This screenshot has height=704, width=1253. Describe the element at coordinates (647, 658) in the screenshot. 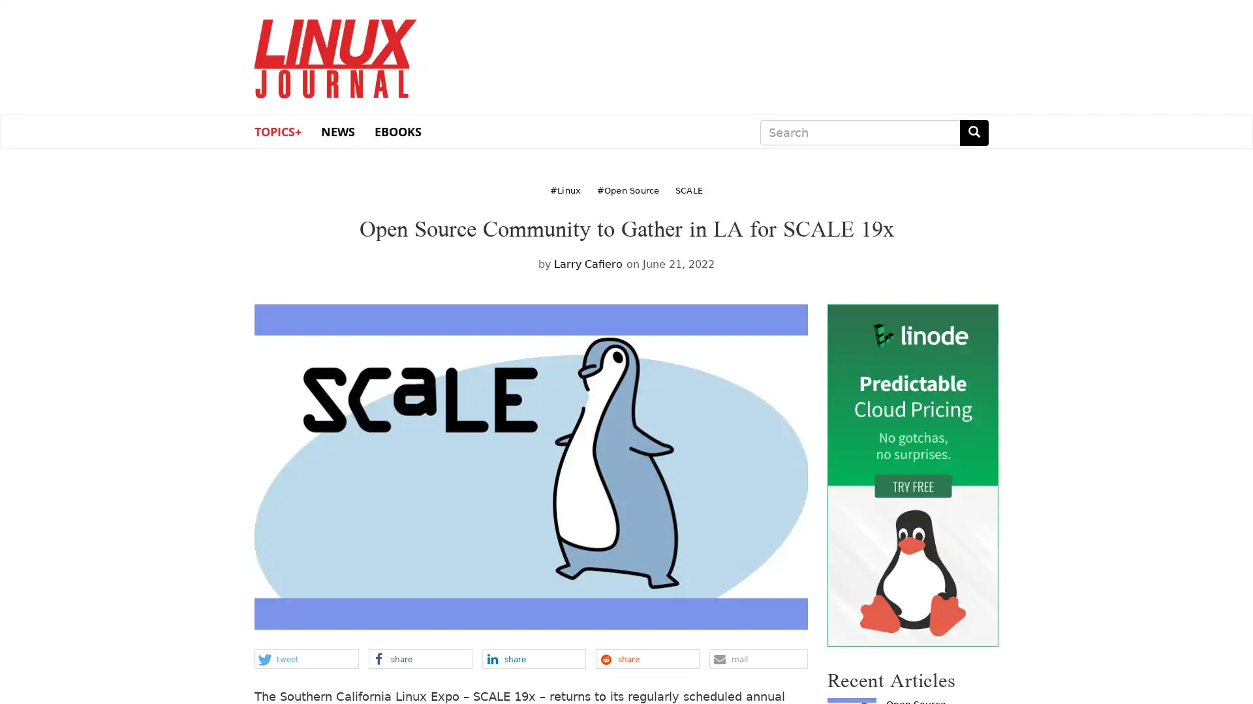

I see `Share on Reddit` at that location.